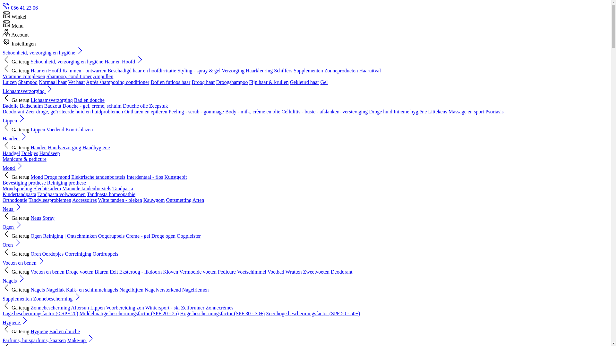 This screenshot has height=346, width=616. What do you see at coordinates (232, 82) in the screenshot?
I see `'Droogshampoo'` at bounding box center [232, 82].